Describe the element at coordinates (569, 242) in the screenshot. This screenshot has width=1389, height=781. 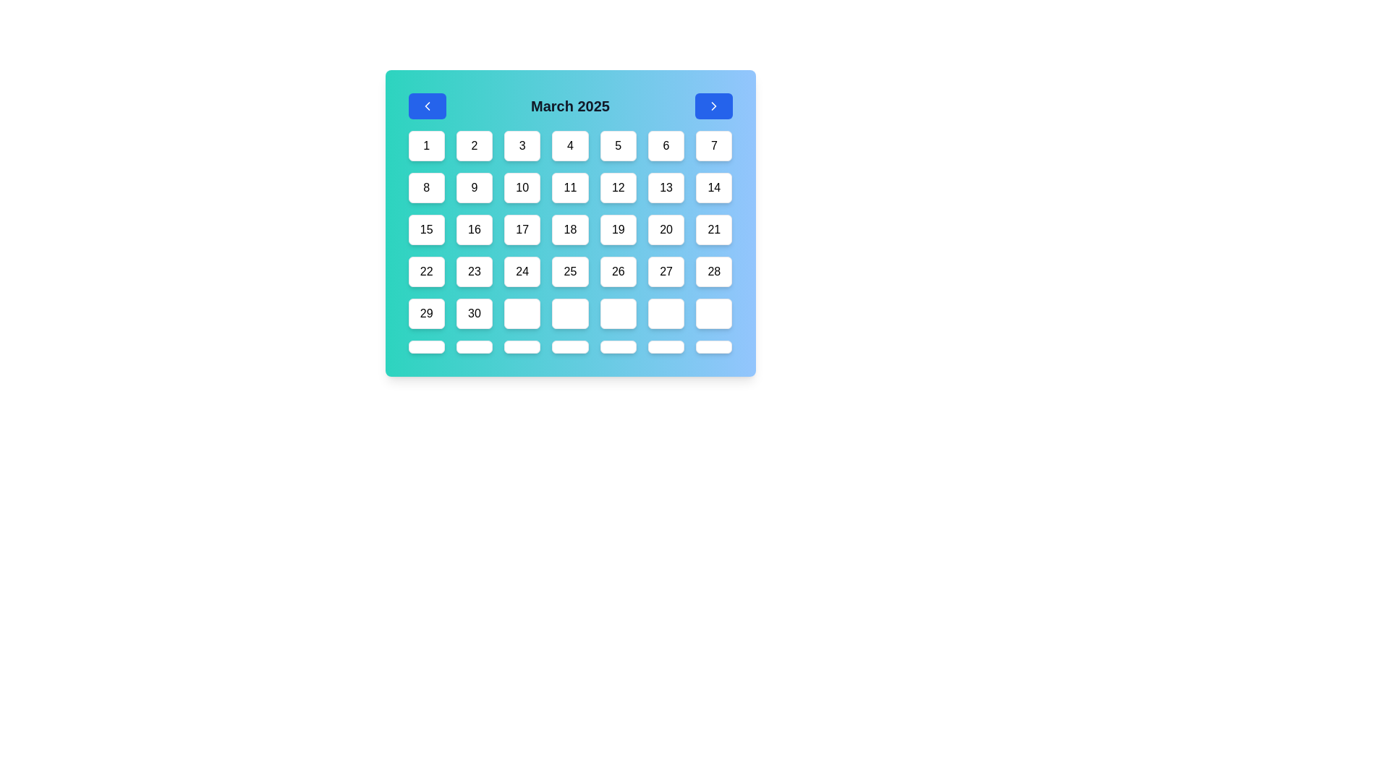
I see `the highlighted calendar day cell in the March 2025 calendar` at that location.